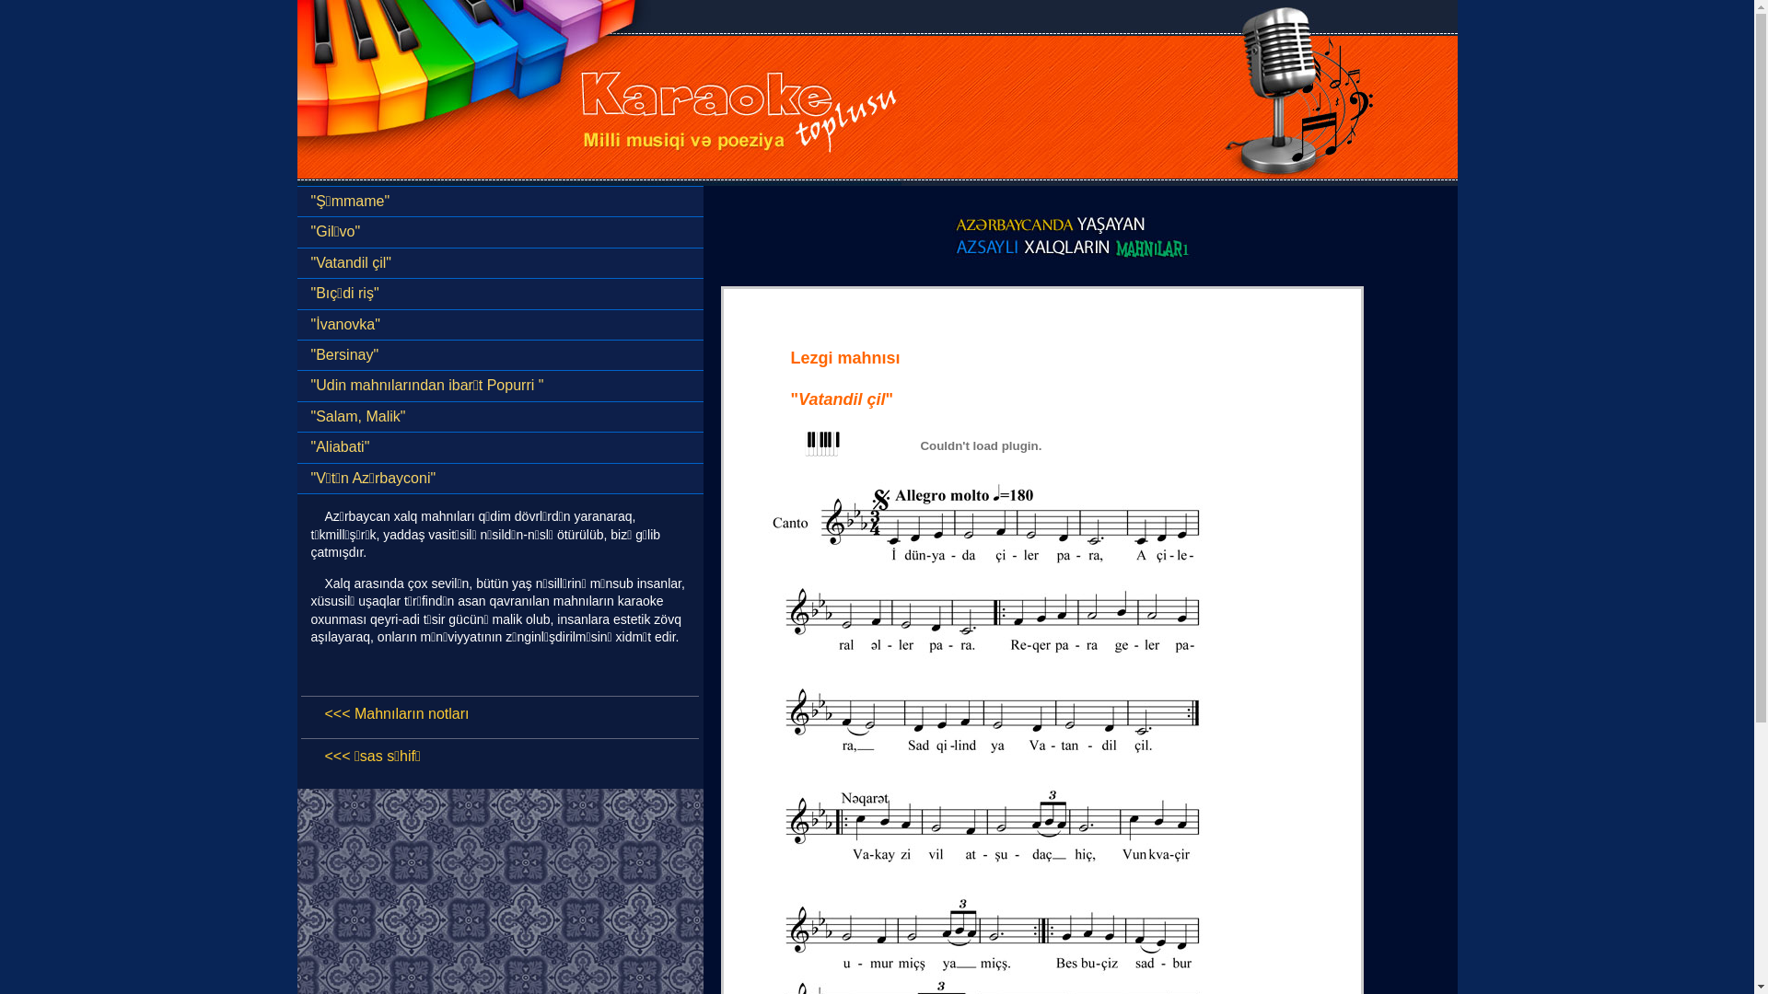 The height and width of the screenshot is (994, 1768). I want to click on '"Salam, Malik"', so click(499, 416).